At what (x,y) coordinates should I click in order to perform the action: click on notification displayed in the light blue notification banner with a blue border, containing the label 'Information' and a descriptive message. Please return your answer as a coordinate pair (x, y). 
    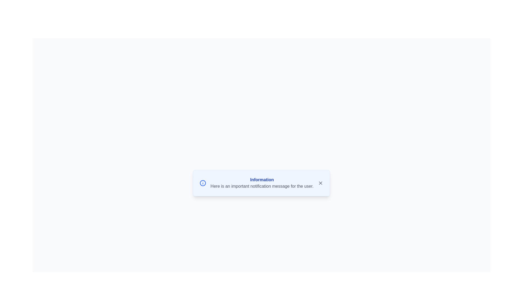
    Looking at the image, I should click on (261, 183).